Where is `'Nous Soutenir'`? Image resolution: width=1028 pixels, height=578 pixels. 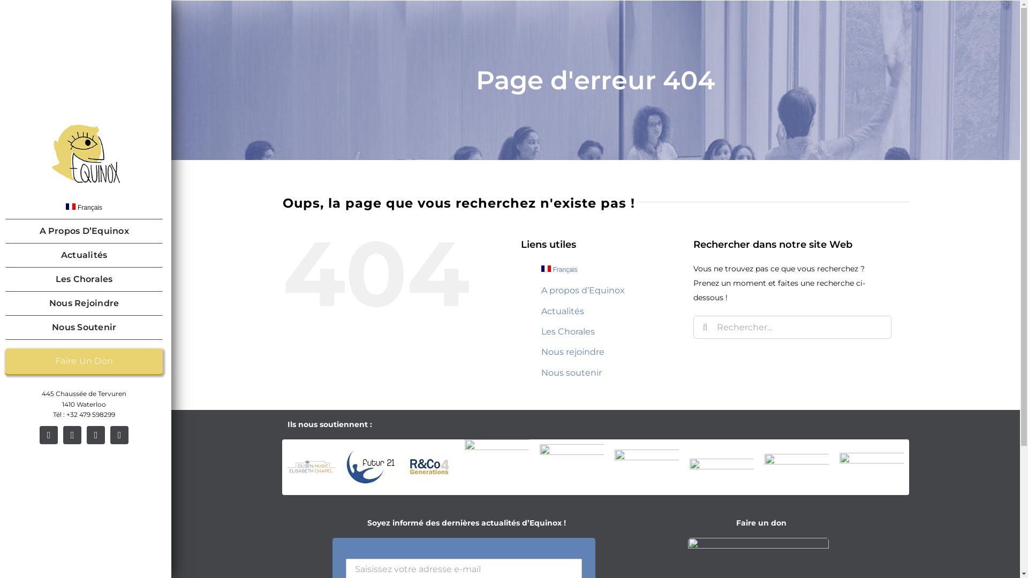
'Nous Soutenir' is located at coordinates (5, 327).